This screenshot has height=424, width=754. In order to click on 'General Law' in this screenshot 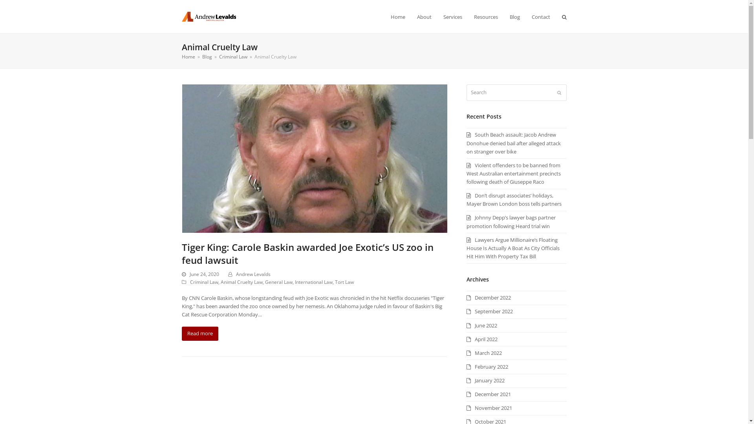, I will do `click(278, 281)`.